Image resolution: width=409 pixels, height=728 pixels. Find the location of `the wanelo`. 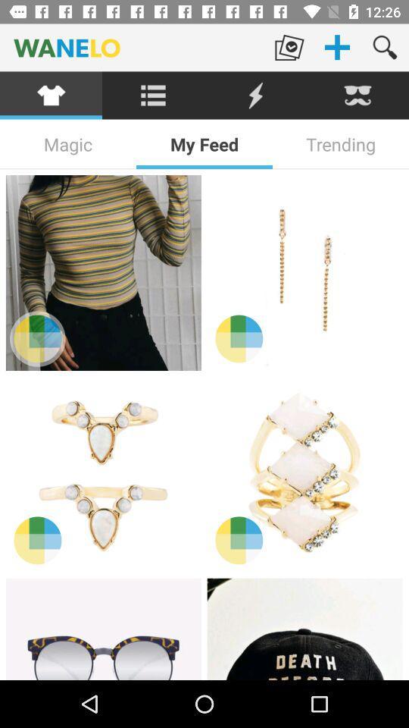

the wanelo is located at coordinates (133, 47).